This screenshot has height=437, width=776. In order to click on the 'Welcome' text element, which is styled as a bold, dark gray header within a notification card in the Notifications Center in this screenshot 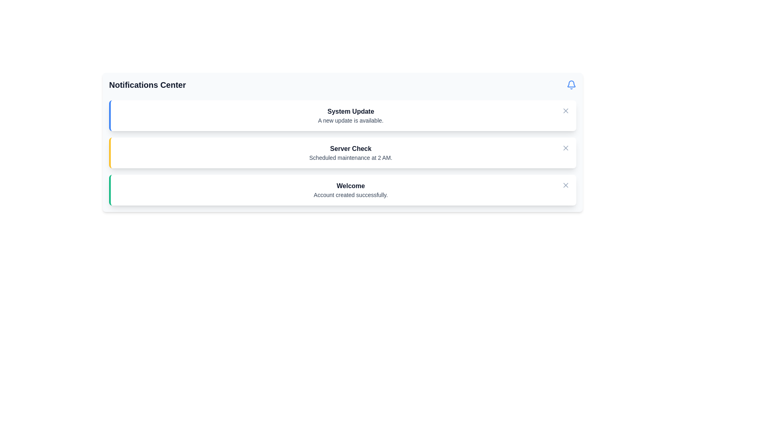, I will do `click(351, 186)`.